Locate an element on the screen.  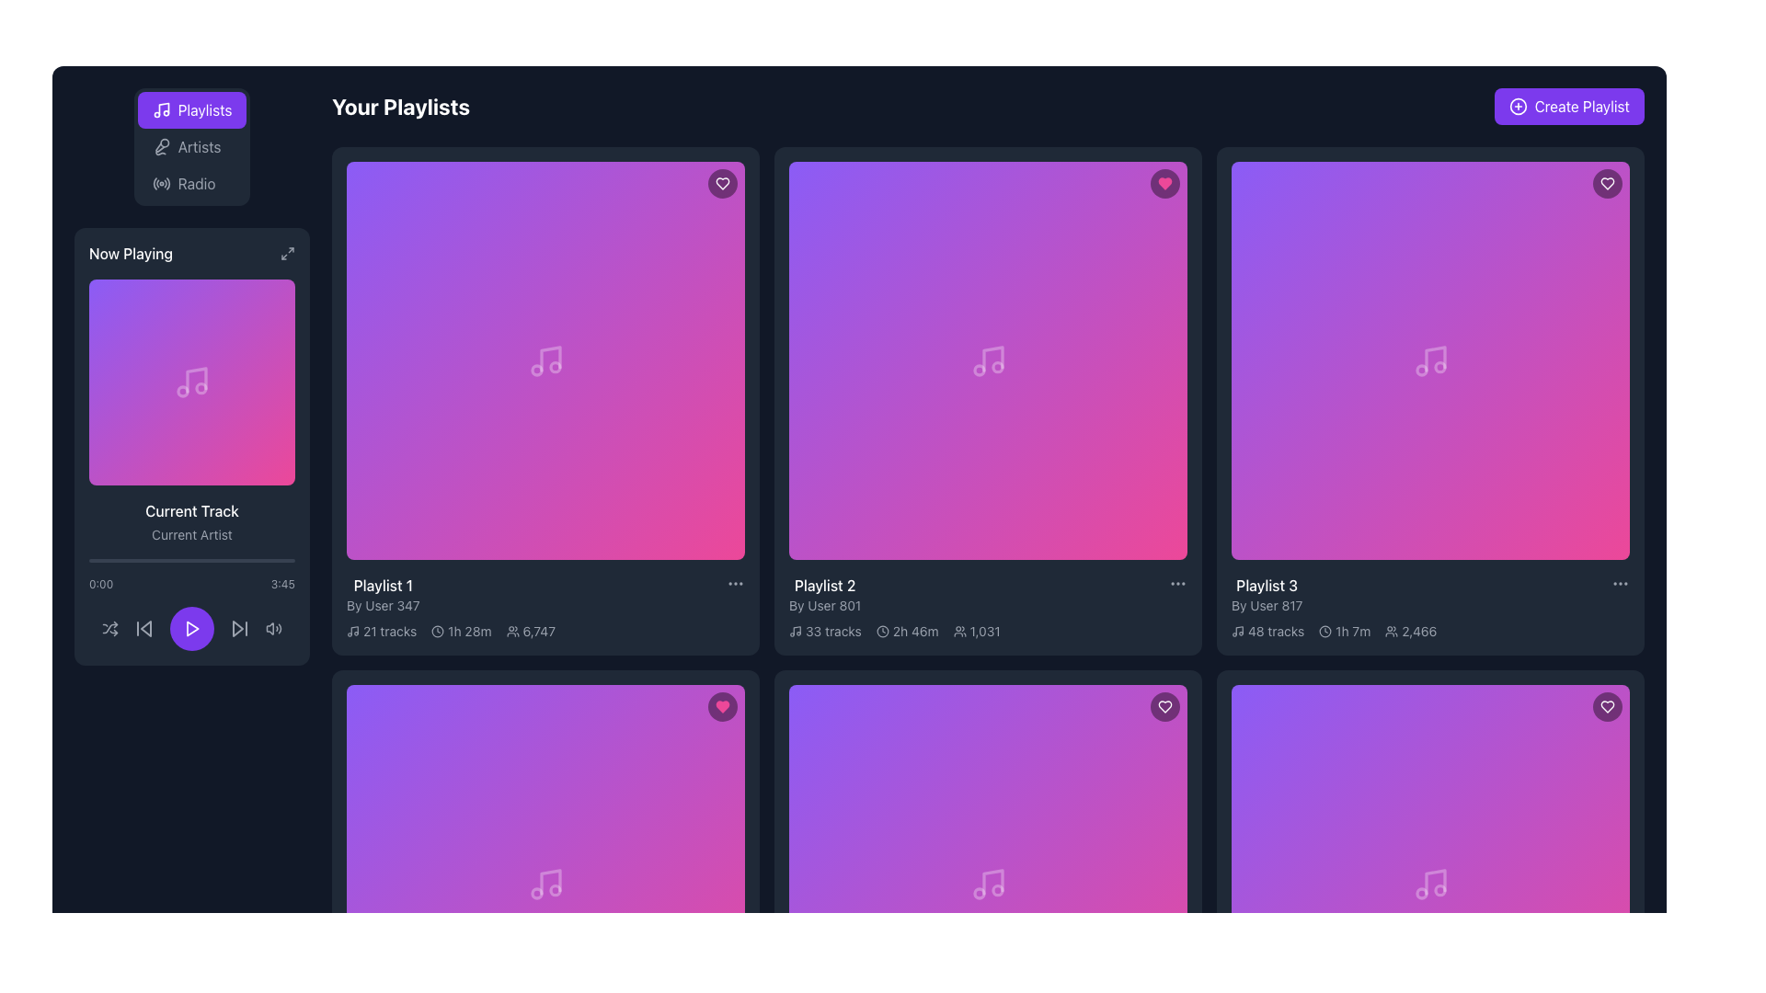
the text label displaying 'By User 347' which is styled in light gray and located beneath 'Playlist 1' is located at coordinates (382, 606).